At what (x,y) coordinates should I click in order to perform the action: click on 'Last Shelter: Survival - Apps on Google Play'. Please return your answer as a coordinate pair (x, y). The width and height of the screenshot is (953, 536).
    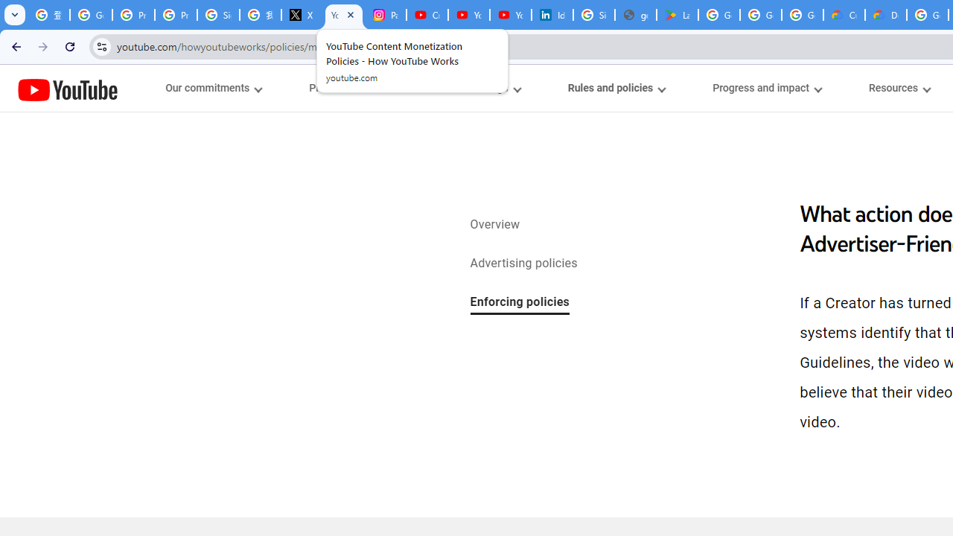
    Looking at the image, I should click on (677, 15).